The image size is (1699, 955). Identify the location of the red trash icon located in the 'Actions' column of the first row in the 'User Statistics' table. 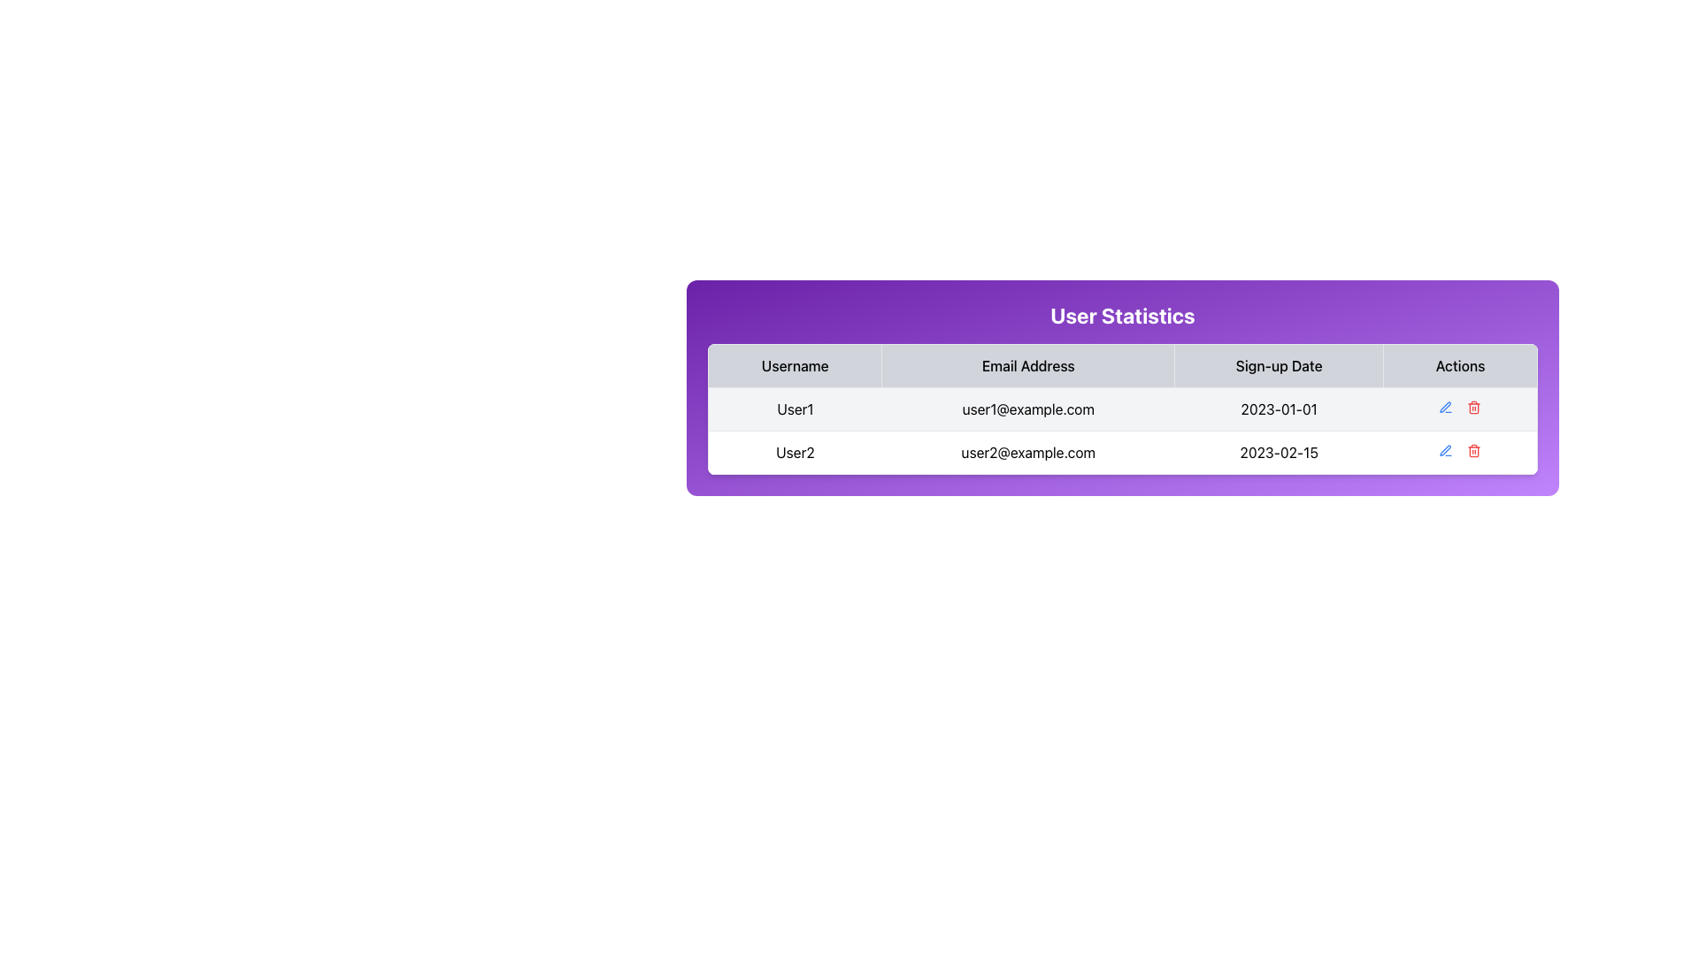
(1474, 408).